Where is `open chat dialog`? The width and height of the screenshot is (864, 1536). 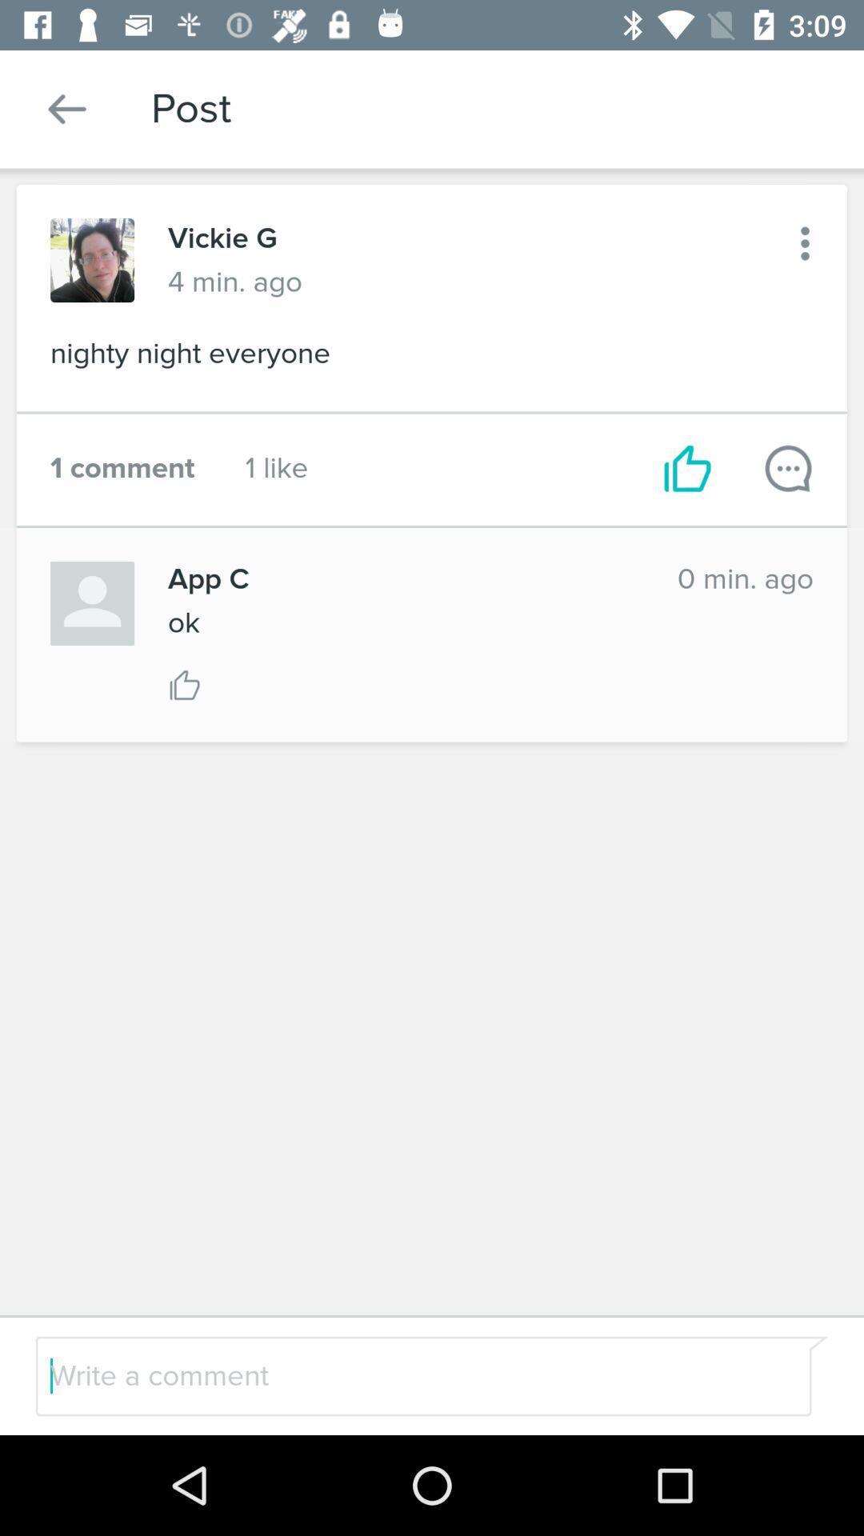
open chat dialog is located at coordinates (787, 467).